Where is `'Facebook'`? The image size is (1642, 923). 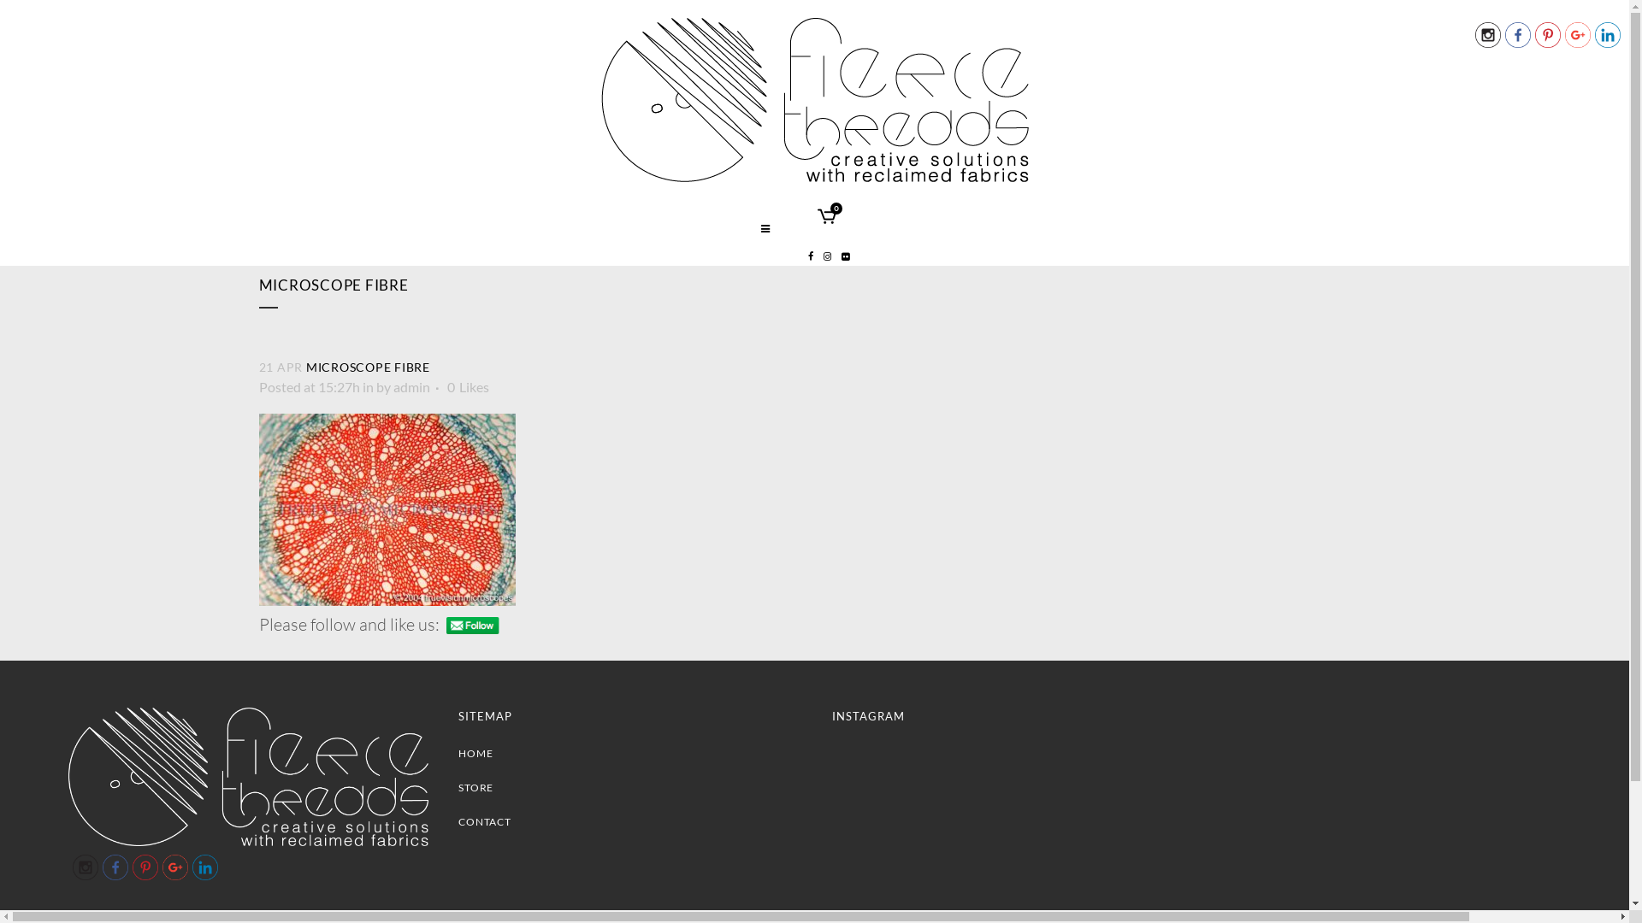 'Facebook' is located at coordinates (114, 867).